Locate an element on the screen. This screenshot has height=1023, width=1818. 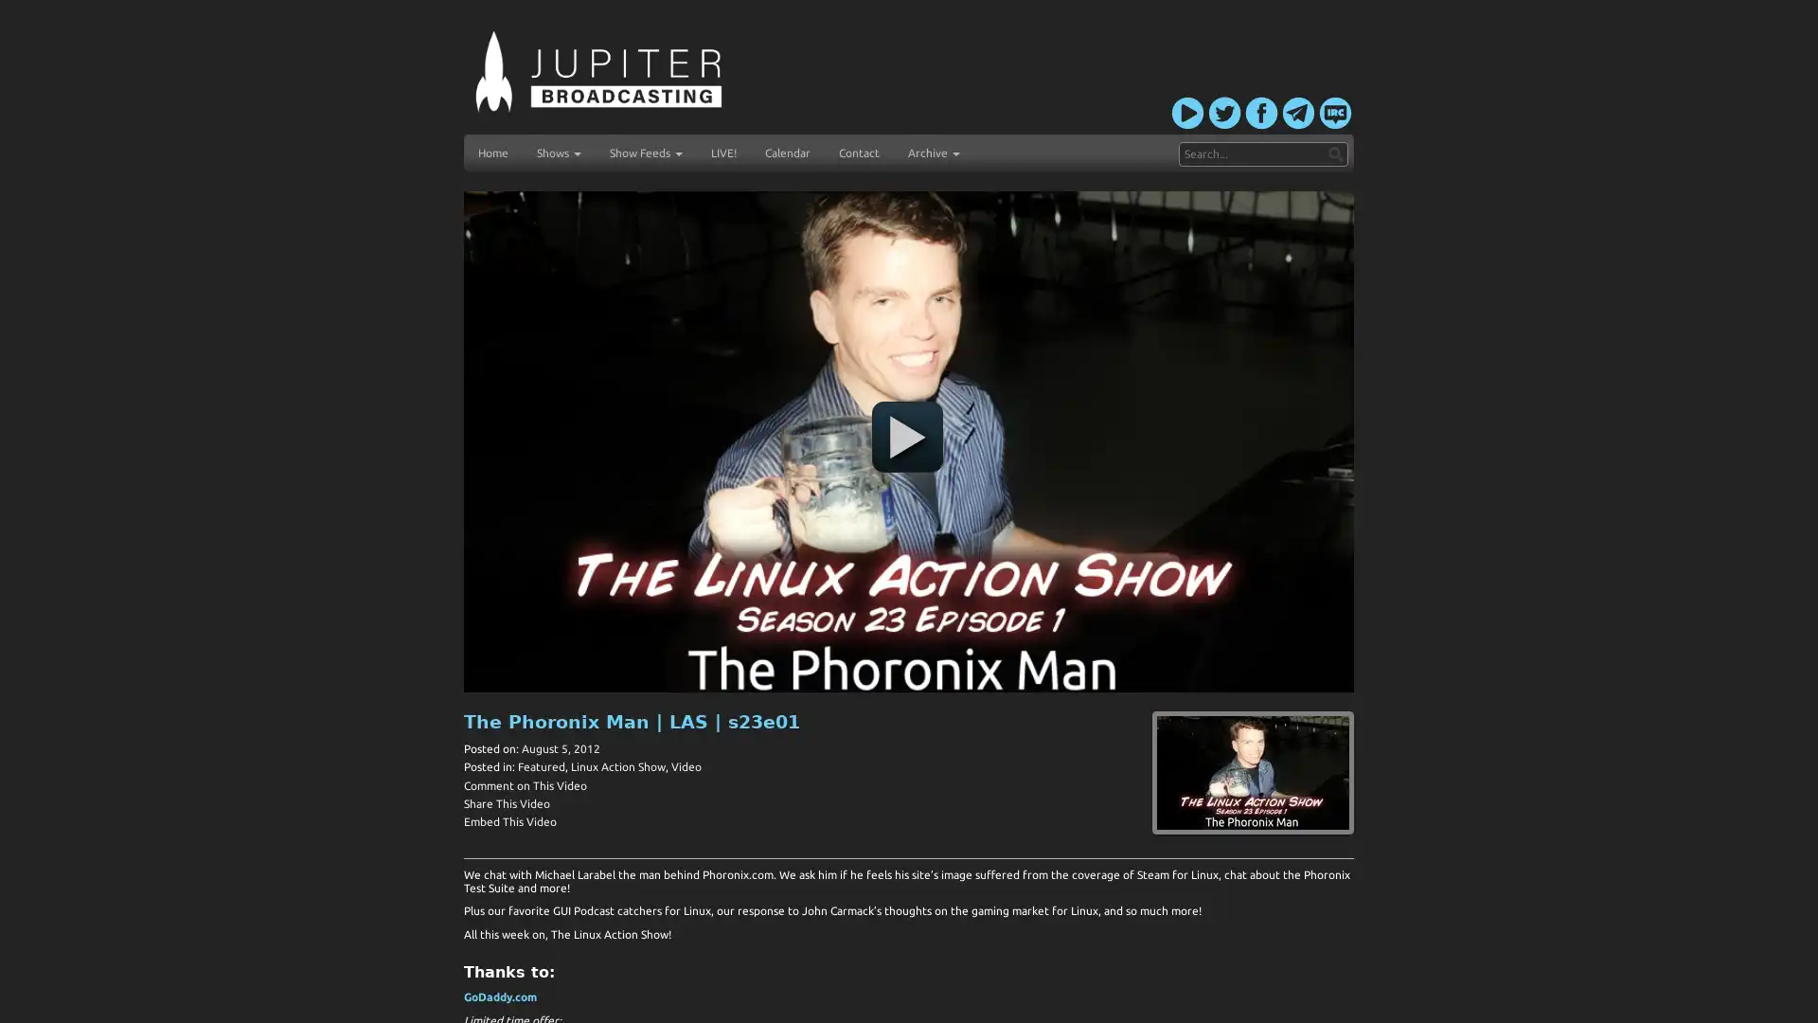
Submit is located at coordinates (1335, 153).